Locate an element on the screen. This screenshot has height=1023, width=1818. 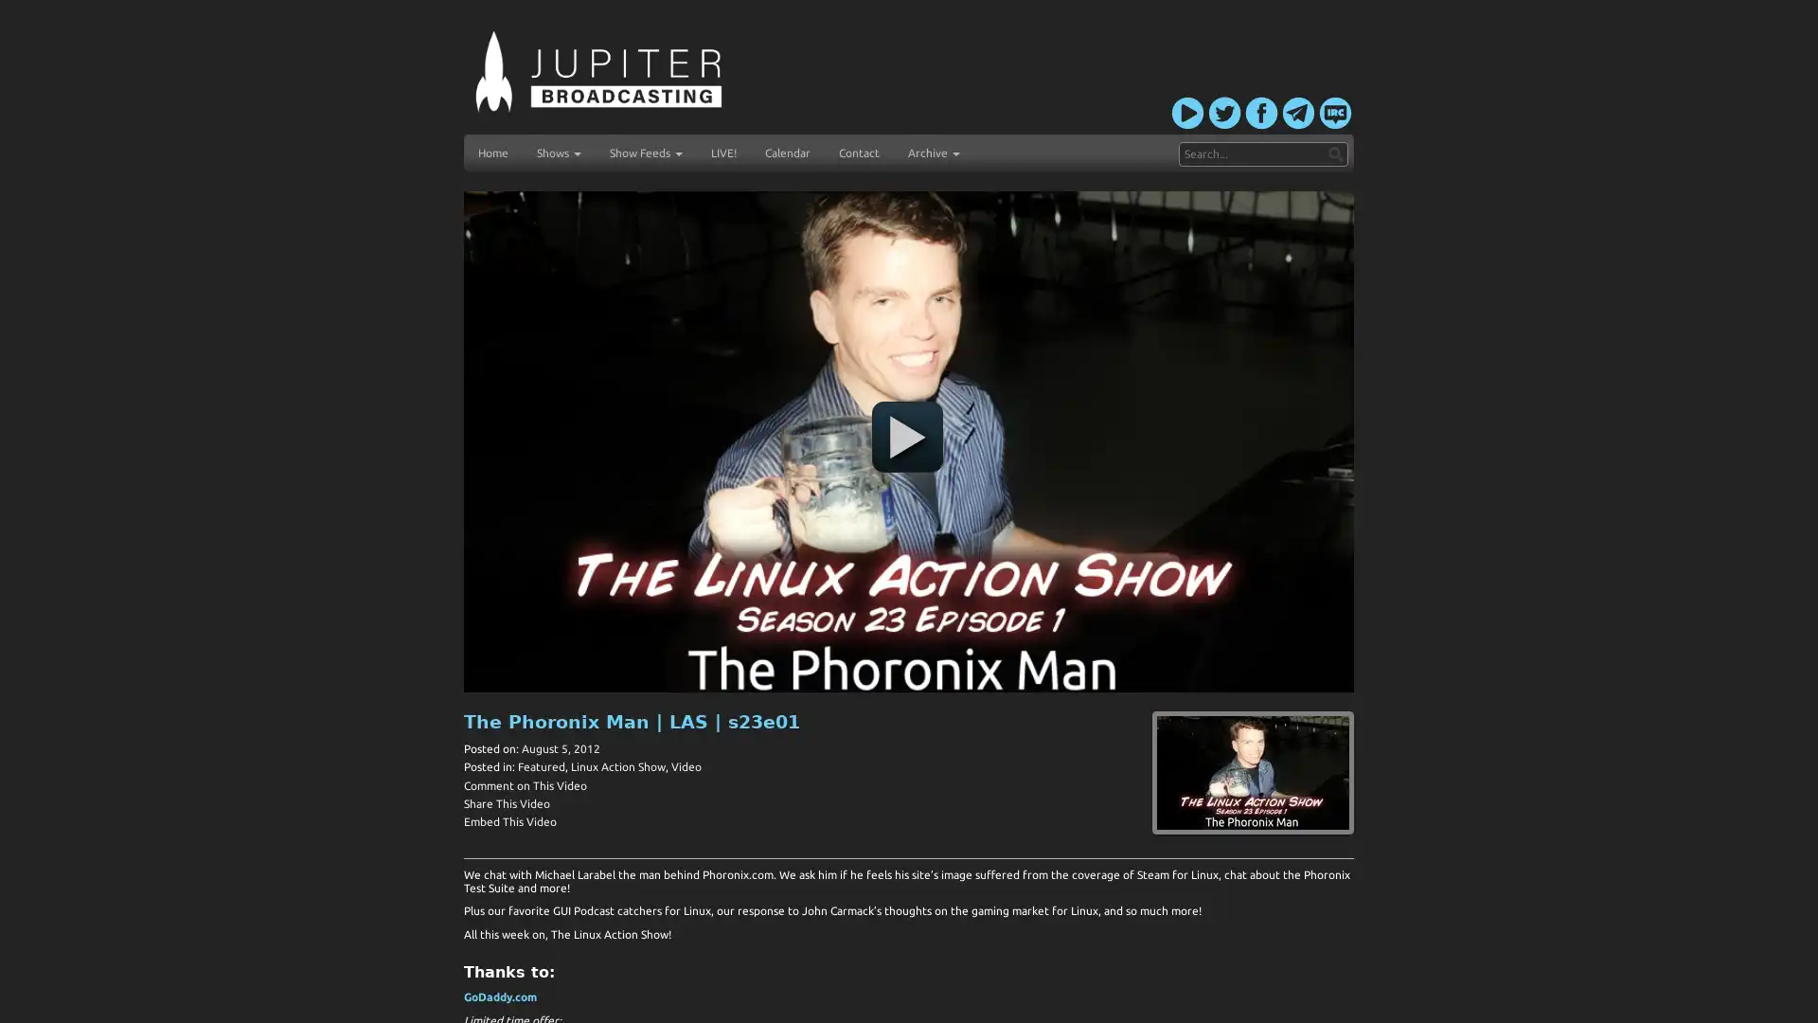
Submit is located at coordinates (1335, 153).